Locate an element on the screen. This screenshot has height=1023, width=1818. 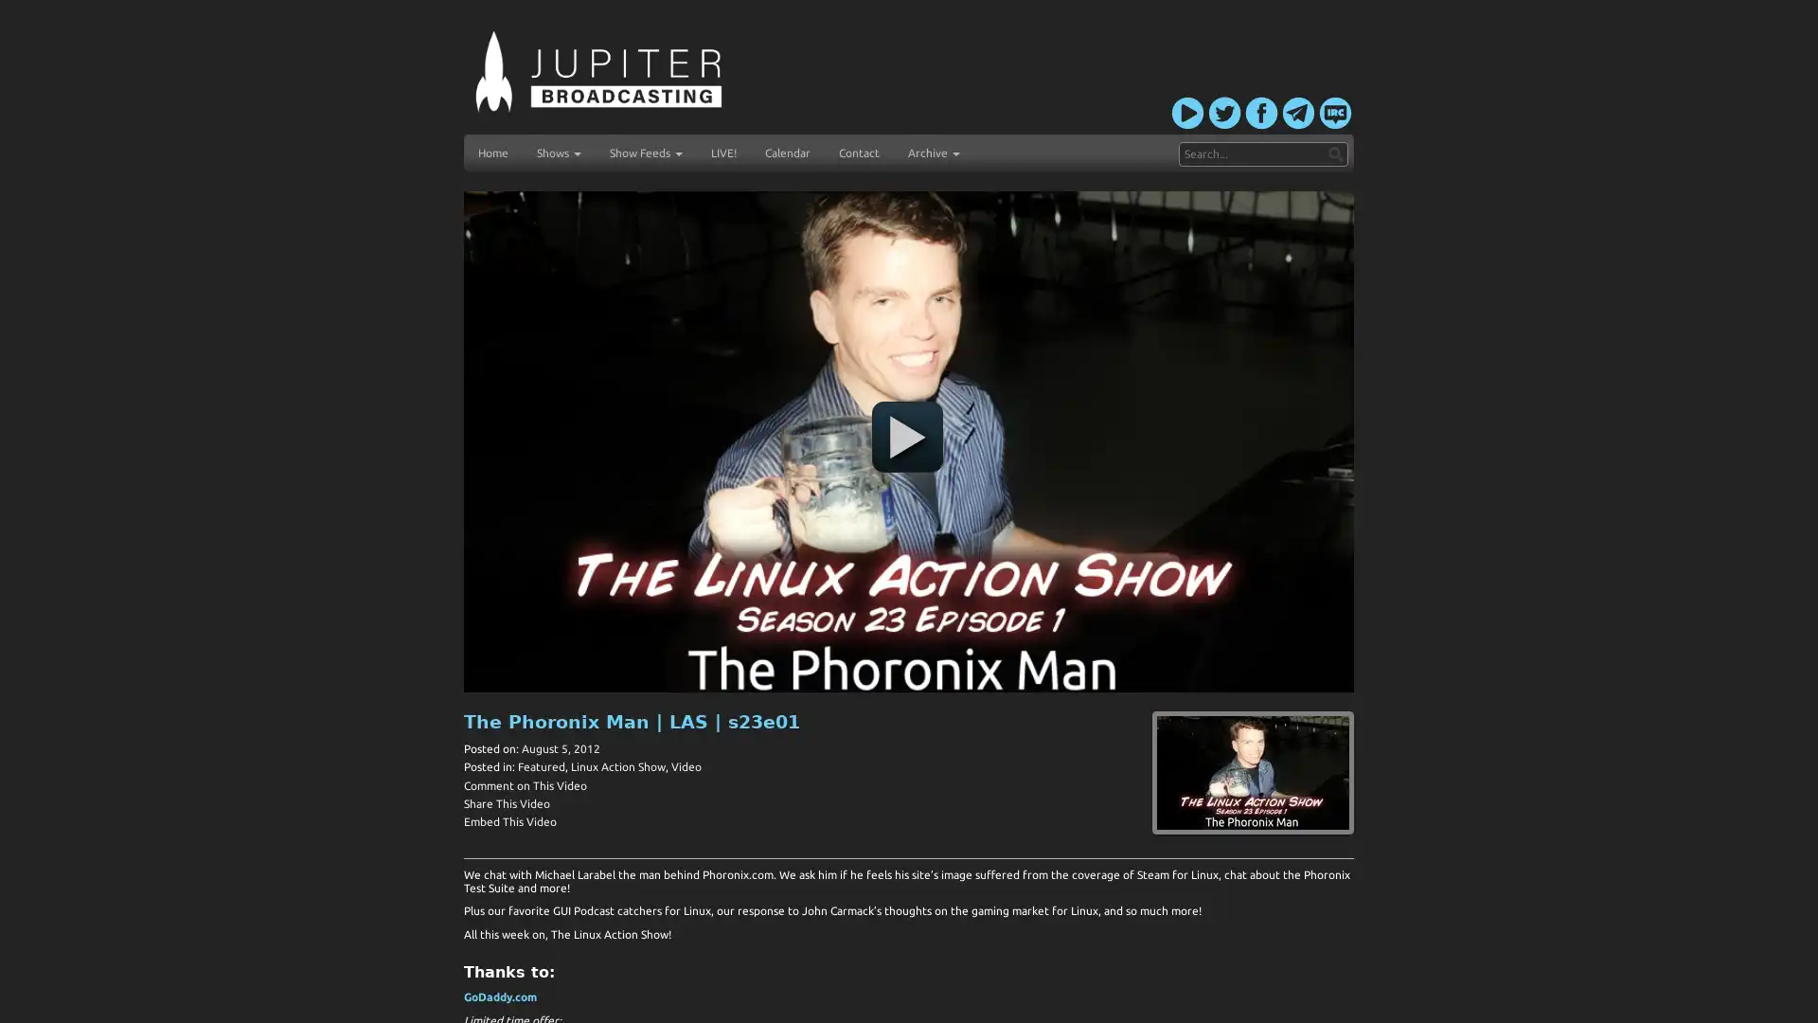
Submit is located at coordinates (1335, 153).